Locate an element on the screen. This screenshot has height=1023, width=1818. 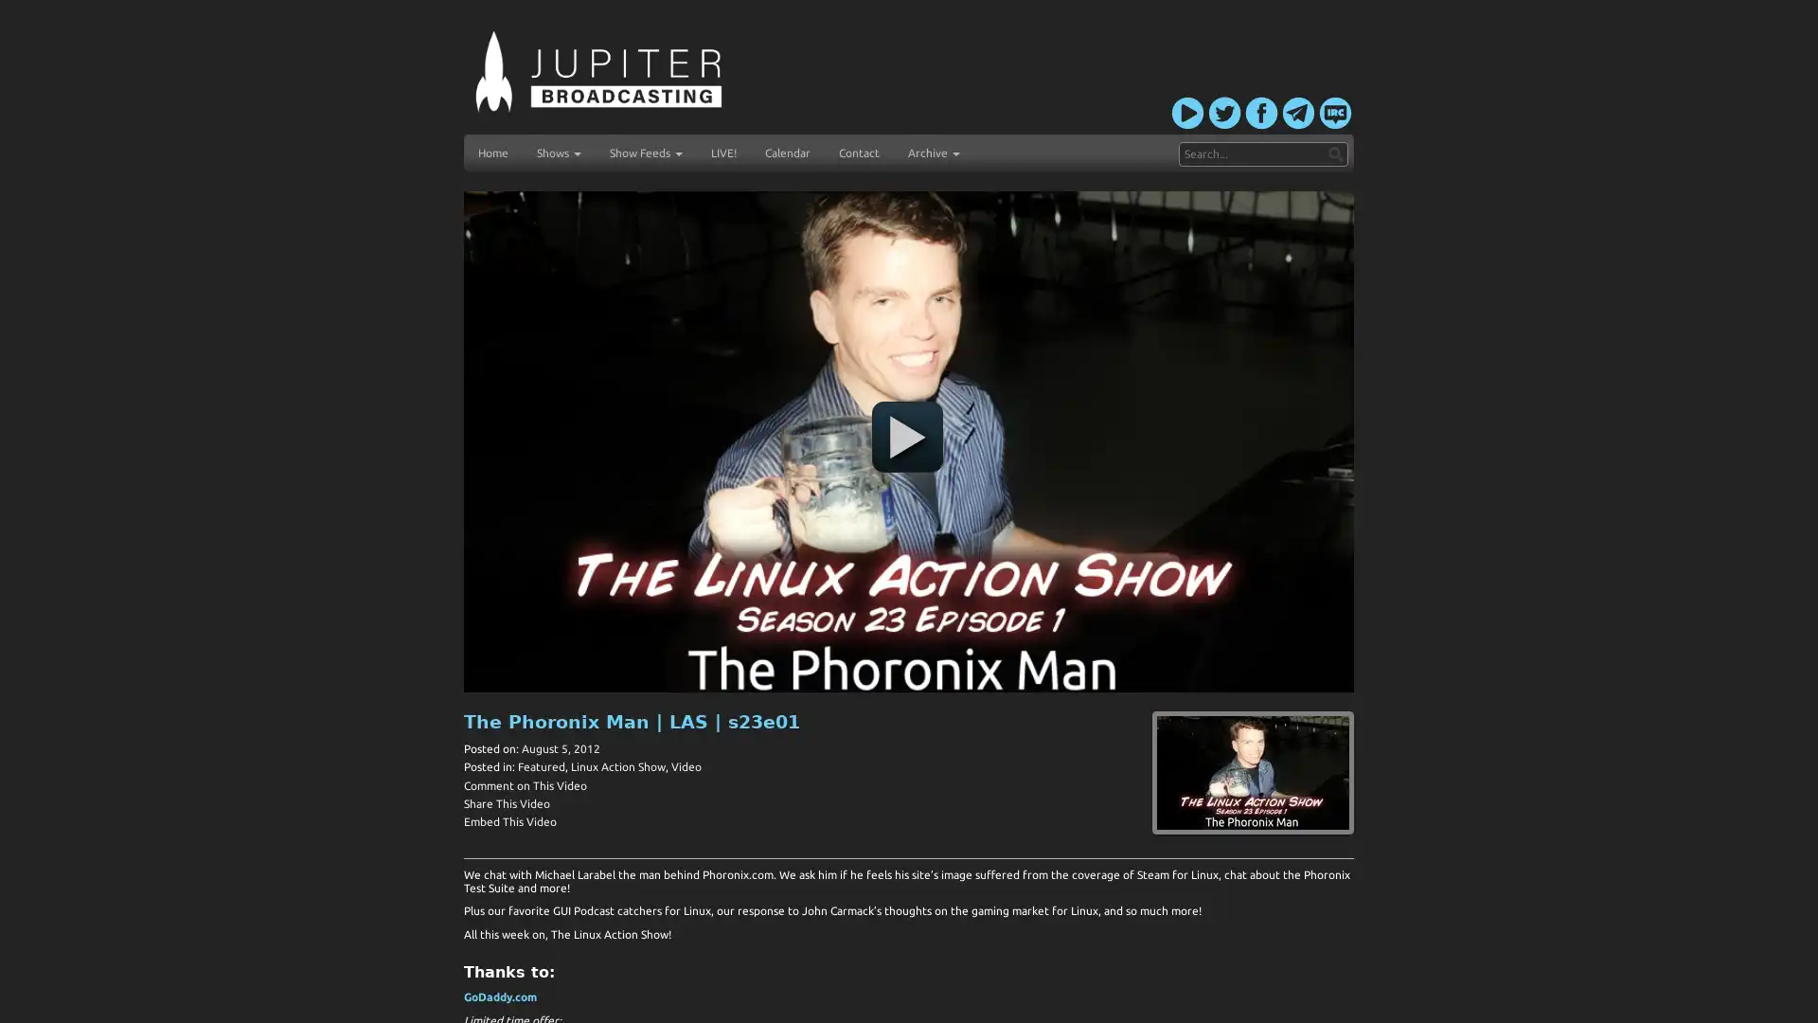
Submit is located at coordinates (1335, 153).